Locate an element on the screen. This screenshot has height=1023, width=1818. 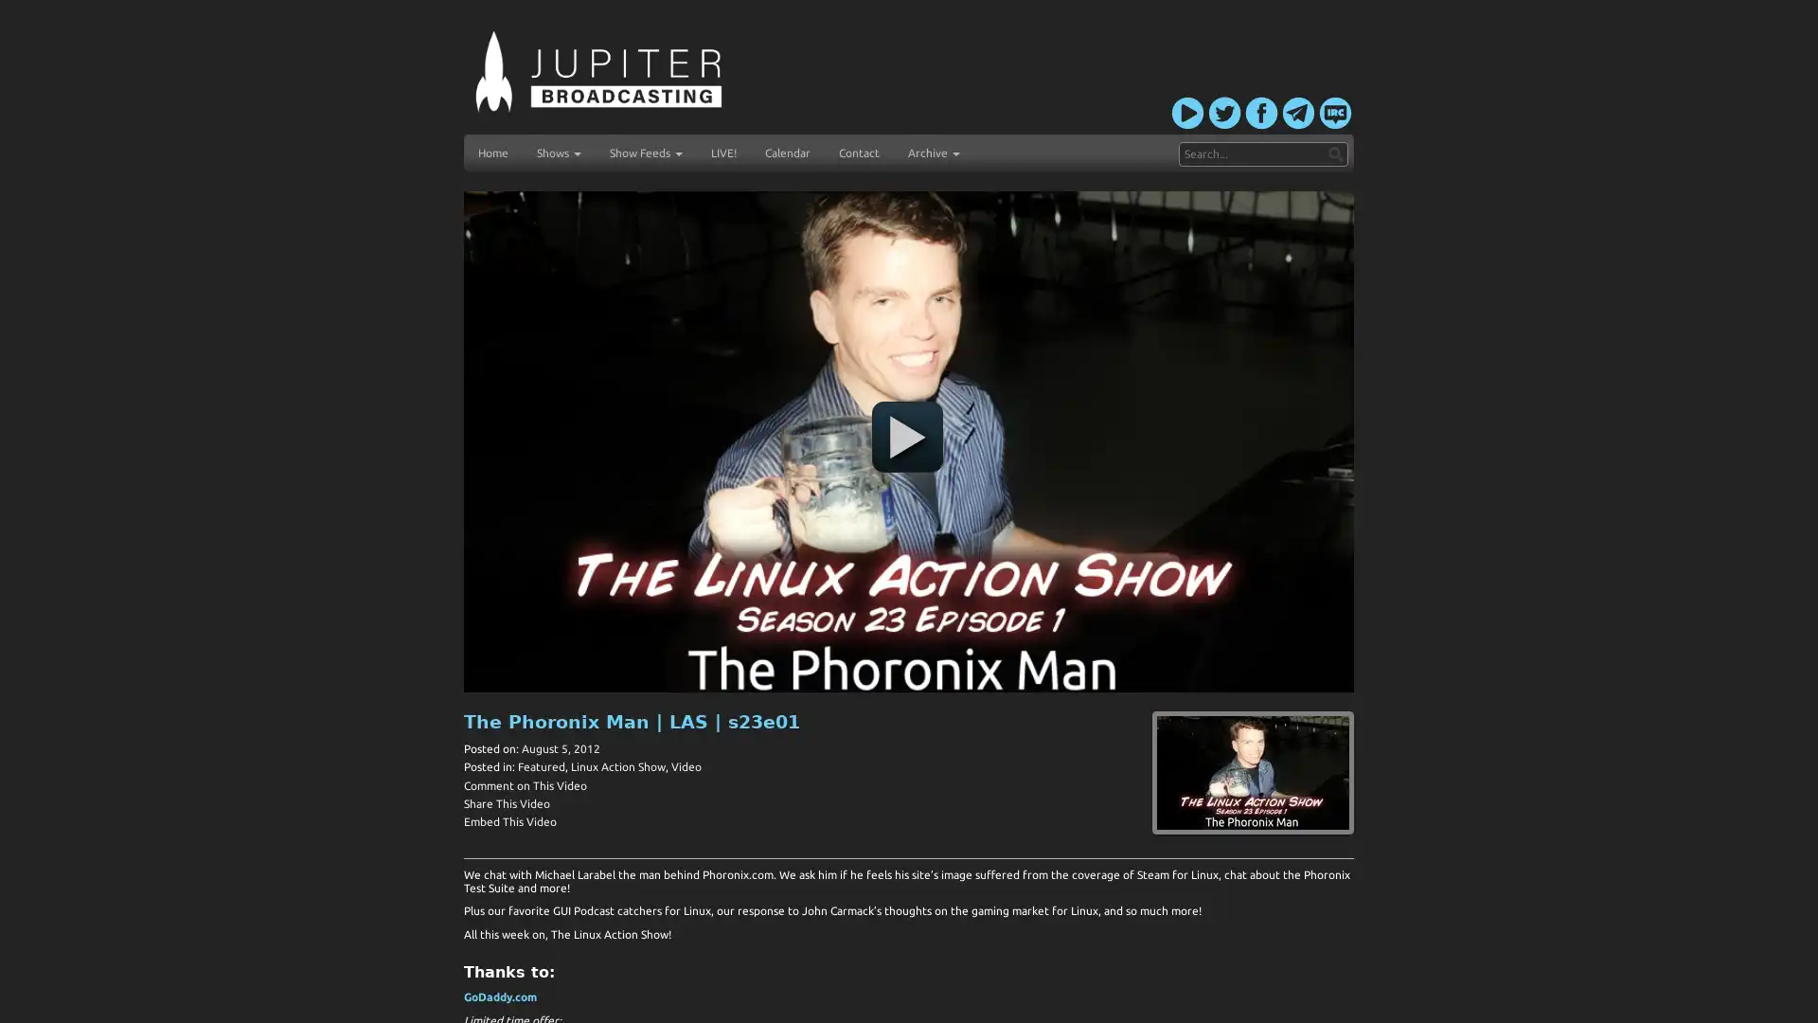
Submit is located at coordinates (1335, 153).